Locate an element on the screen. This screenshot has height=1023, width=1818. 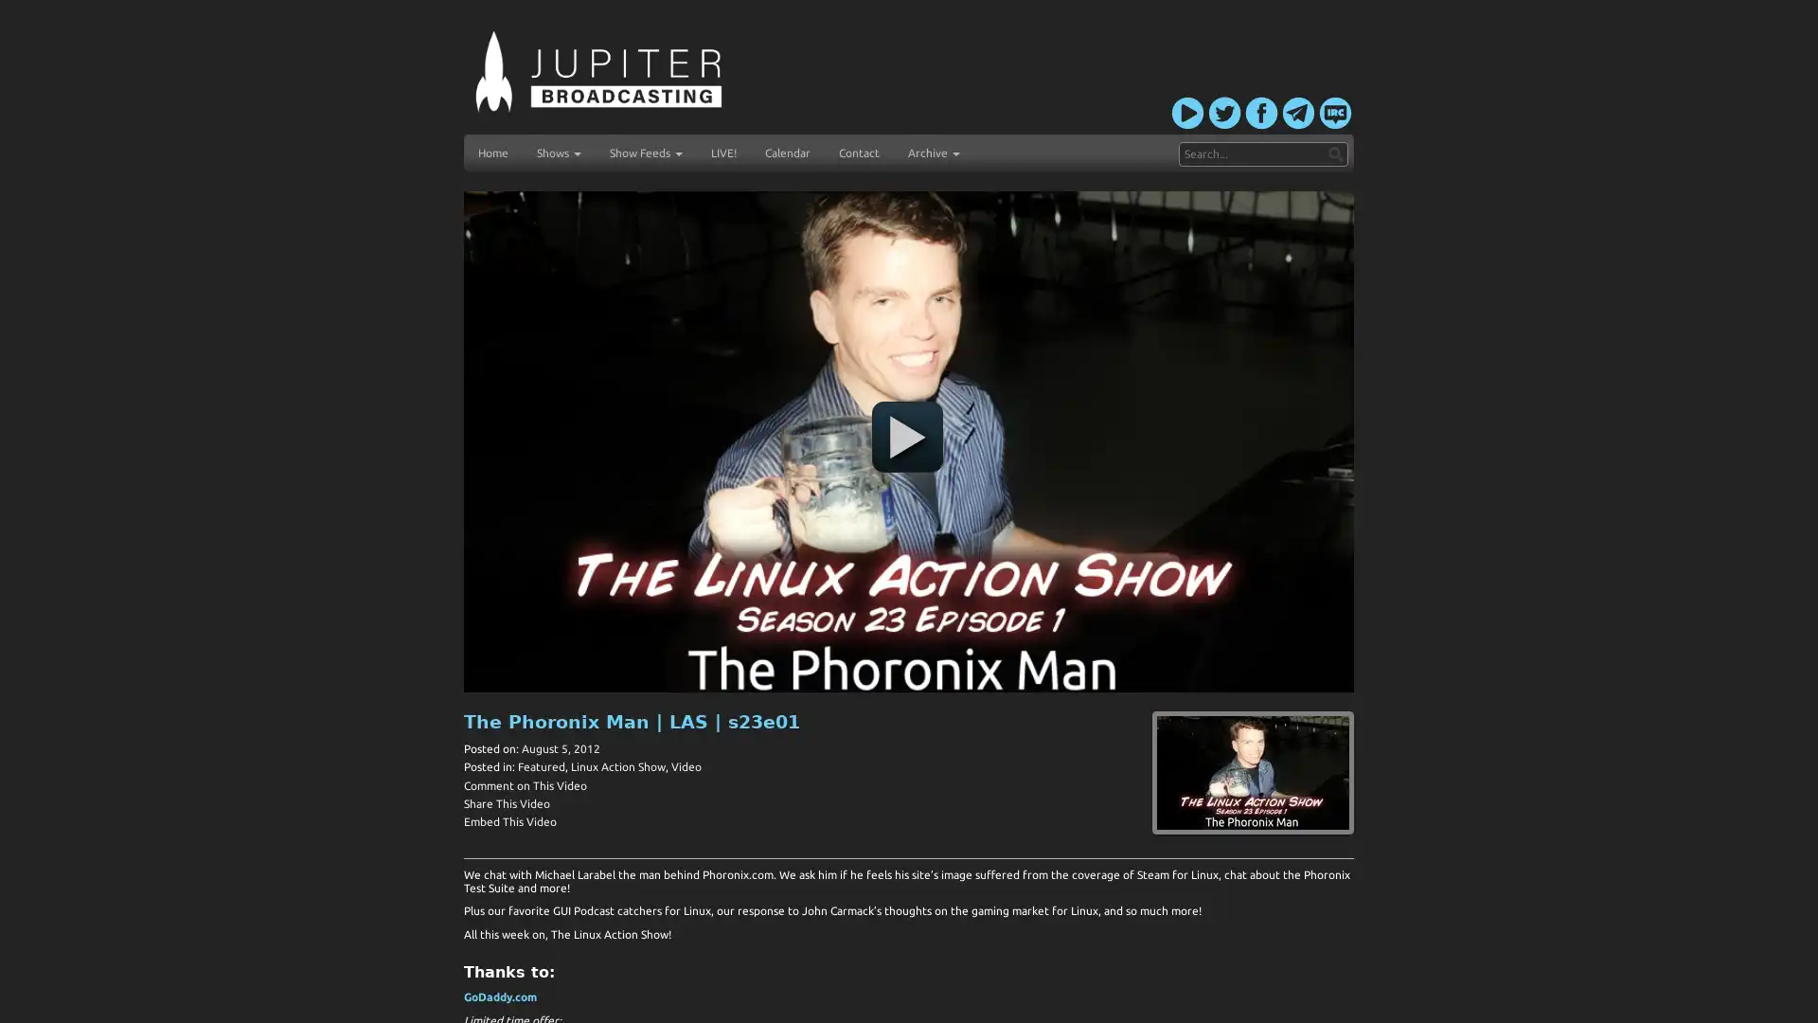
Submit is located at coordinates (1335, 153).